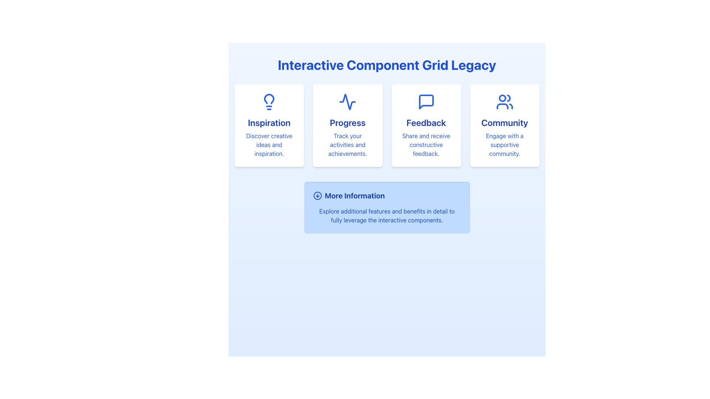 The height and width of the screenshot is (399, 710). What do you see at coordinates (269, 122) in the screenshot?
I see `title text located in the top-left card of a four-card grid, which summarizes creative ideas and inspiration, situated below a lightbulb icon and above a descriptive text` at bounding box center [269, 122].